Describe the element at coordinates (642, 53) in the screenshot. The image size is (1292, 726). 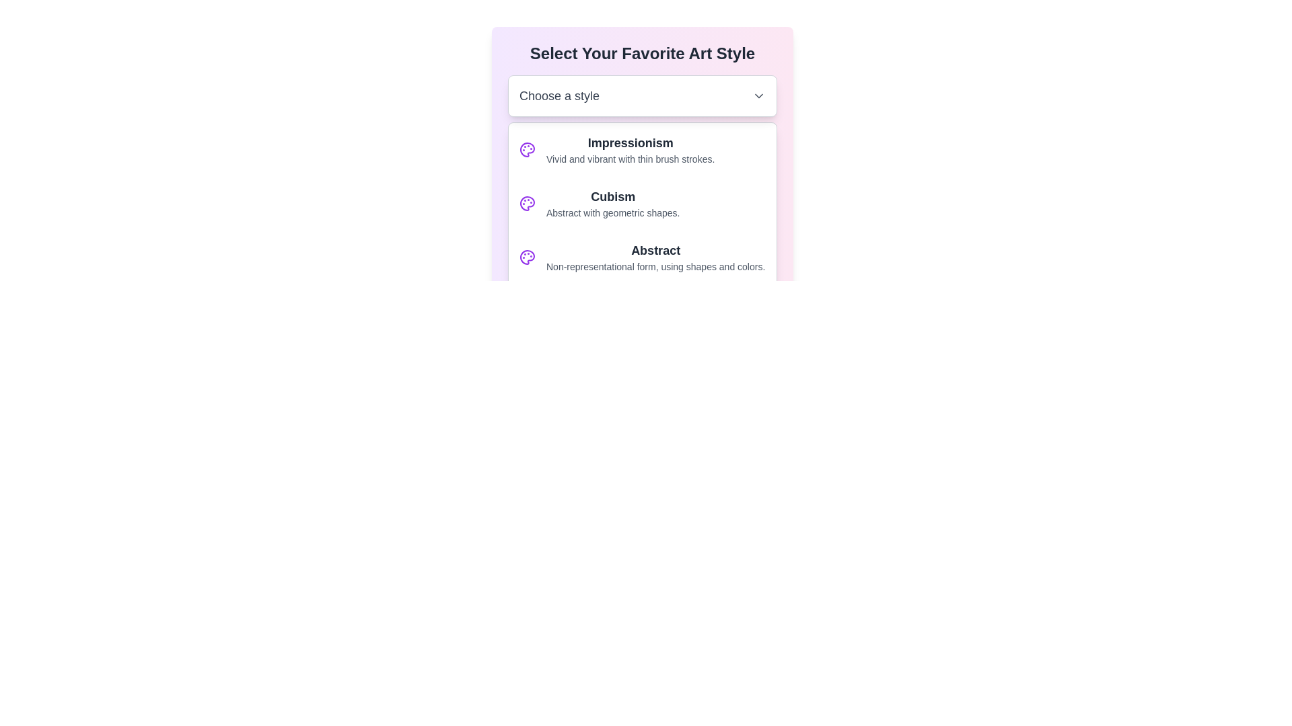
I see `the text header labeled 'Select Your Favorite Art Style', which is styled in large, bold font and is centrally aligned on a light pink gradient background` at that location.